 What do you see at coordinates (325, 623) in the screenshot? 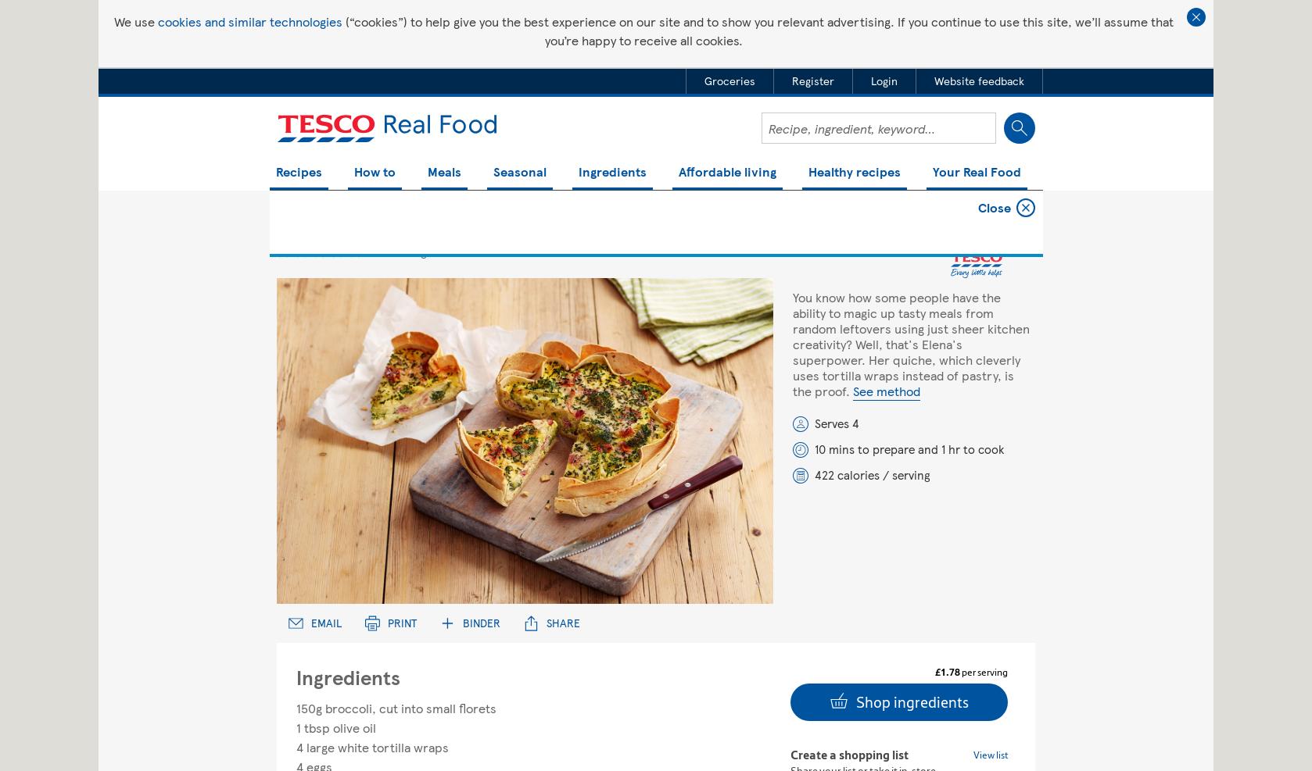
I see `'Email'` at bounding box center [325, 623].